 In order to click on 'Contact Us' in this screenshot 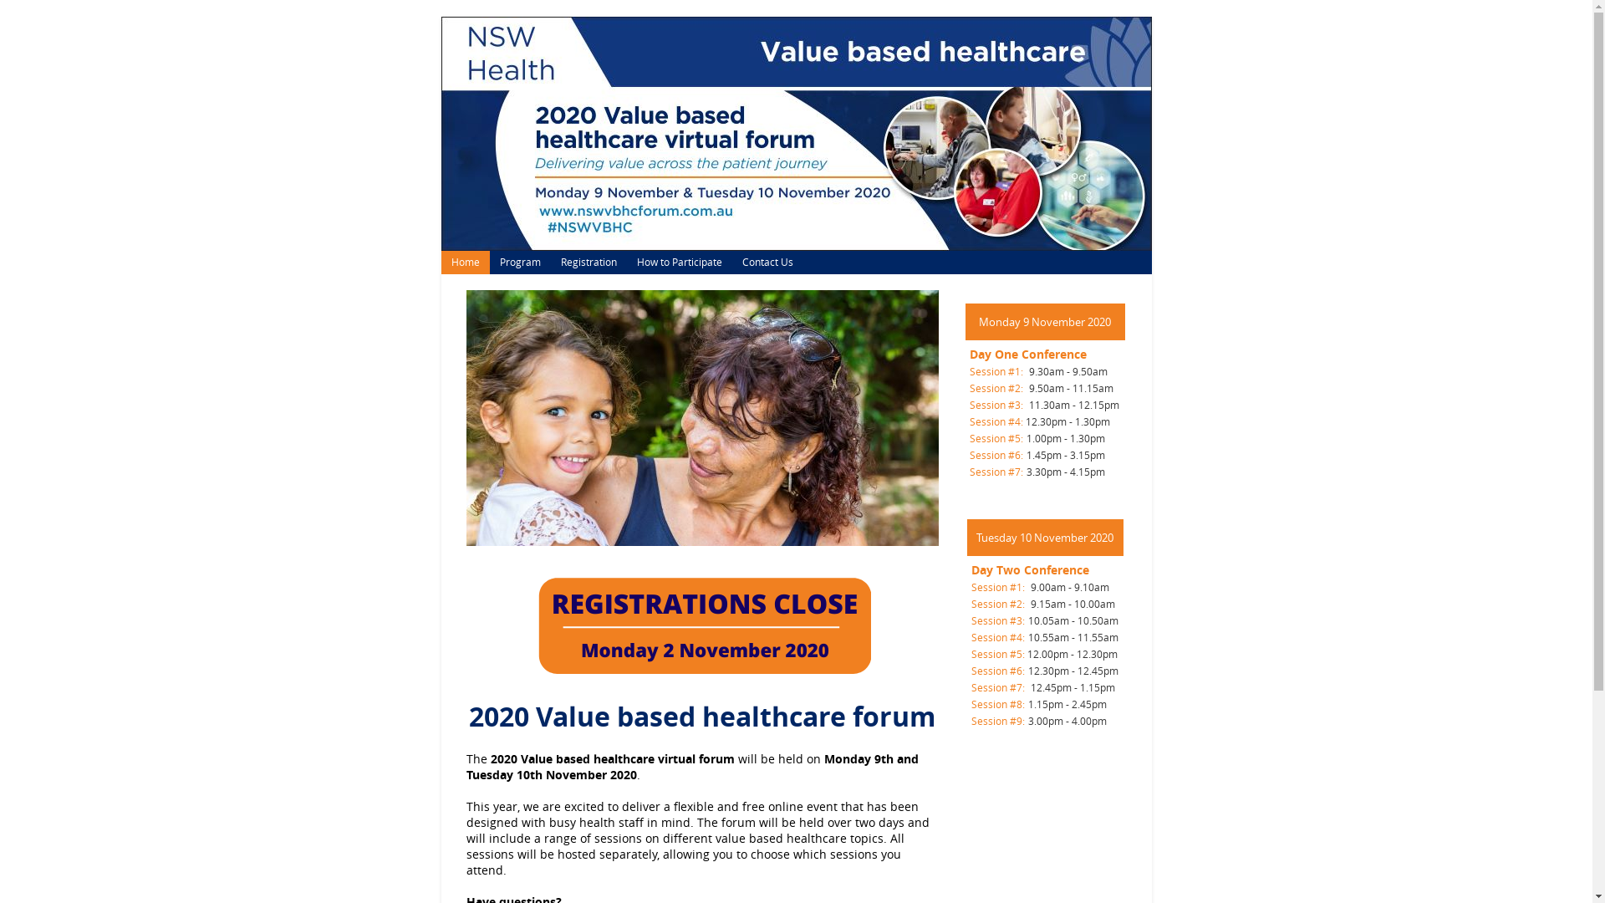, I will do `click(767, 262)`.